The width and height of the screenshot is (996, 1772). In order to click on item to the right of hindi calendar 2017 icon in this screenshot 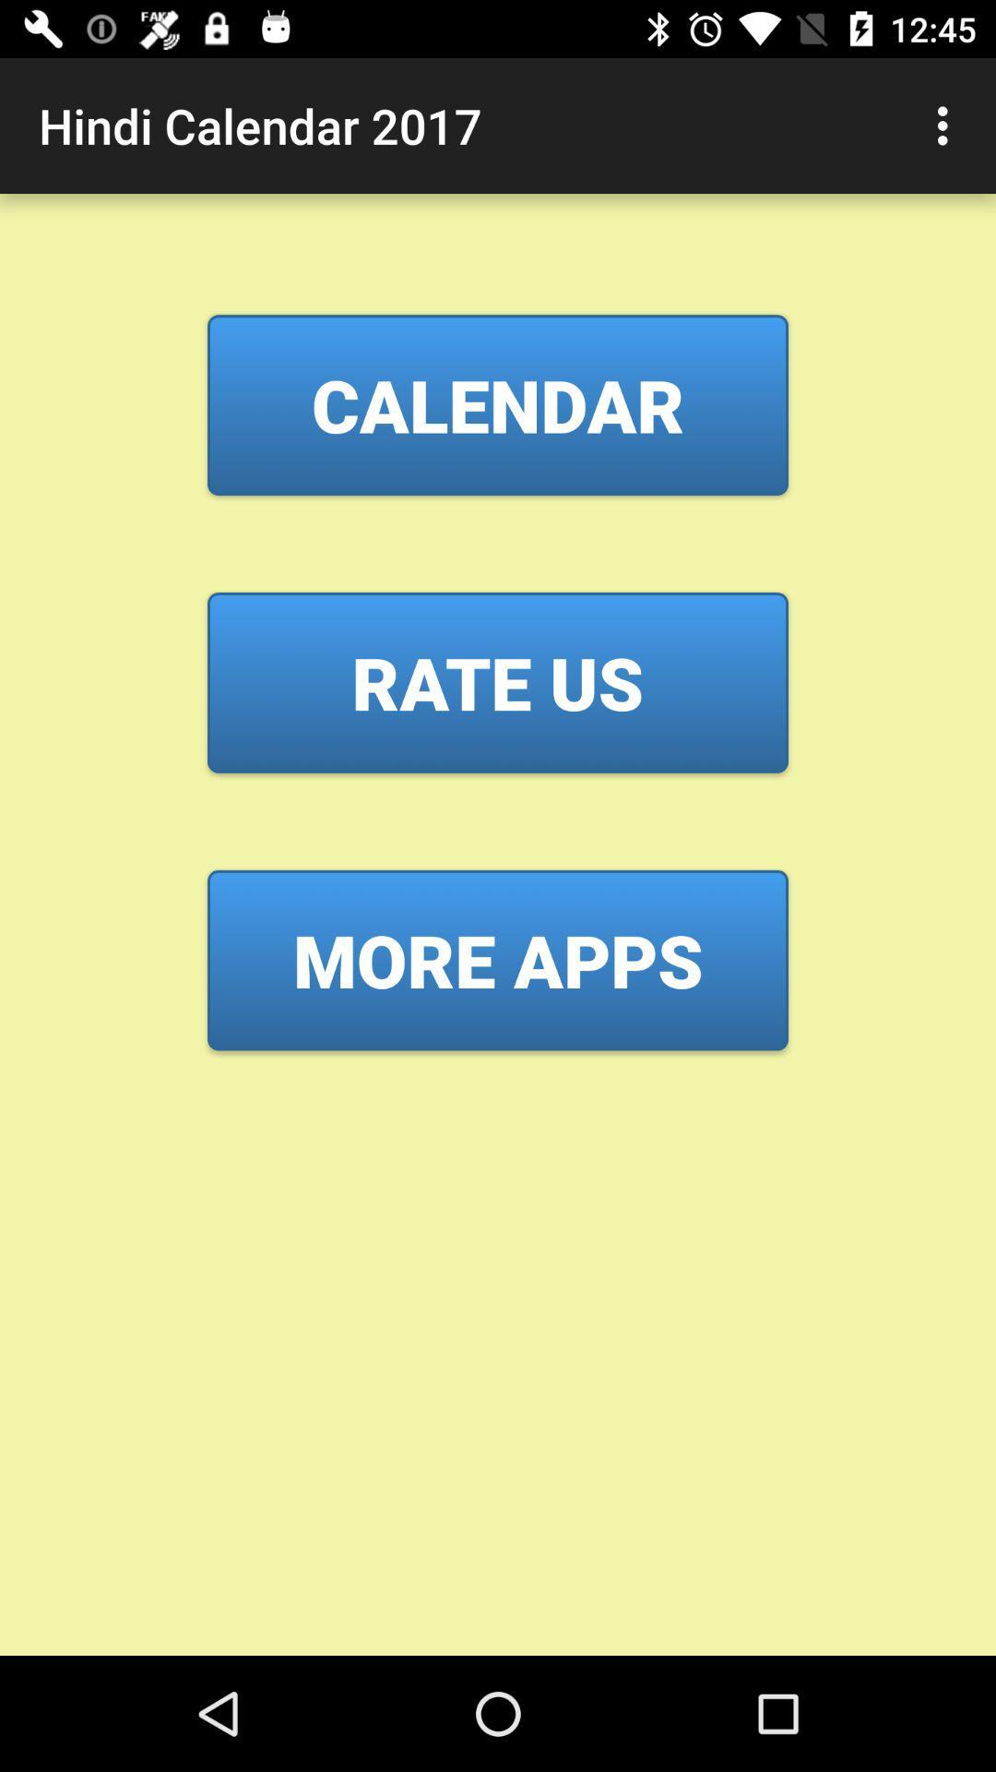, I will do `click(947, 125)`.